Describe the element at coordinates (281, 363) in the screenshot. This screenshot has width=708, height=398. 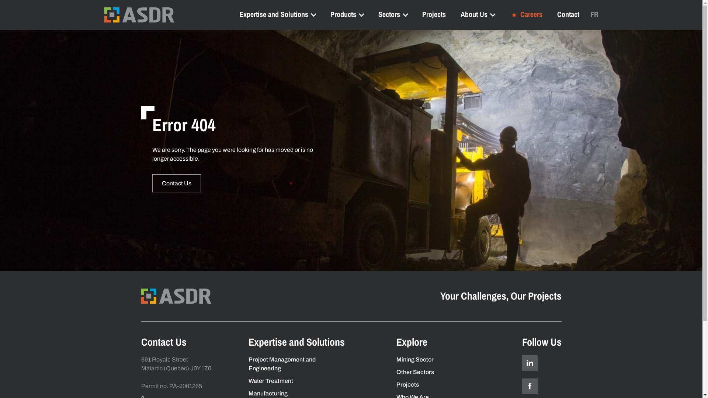
I see `'Project Management and Engineering'` at that location.